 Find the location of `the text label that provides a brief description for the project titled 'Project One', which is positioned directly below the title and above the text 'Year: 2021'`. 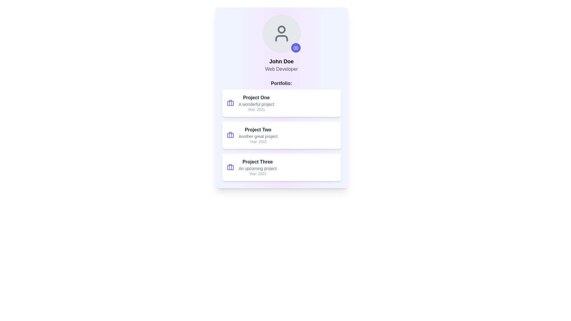

the text label that provides a brief description for the project titled 'Project One', which is positioned directly below the title and above the text 'Year: 2021' is located at coordinates (256, 104).